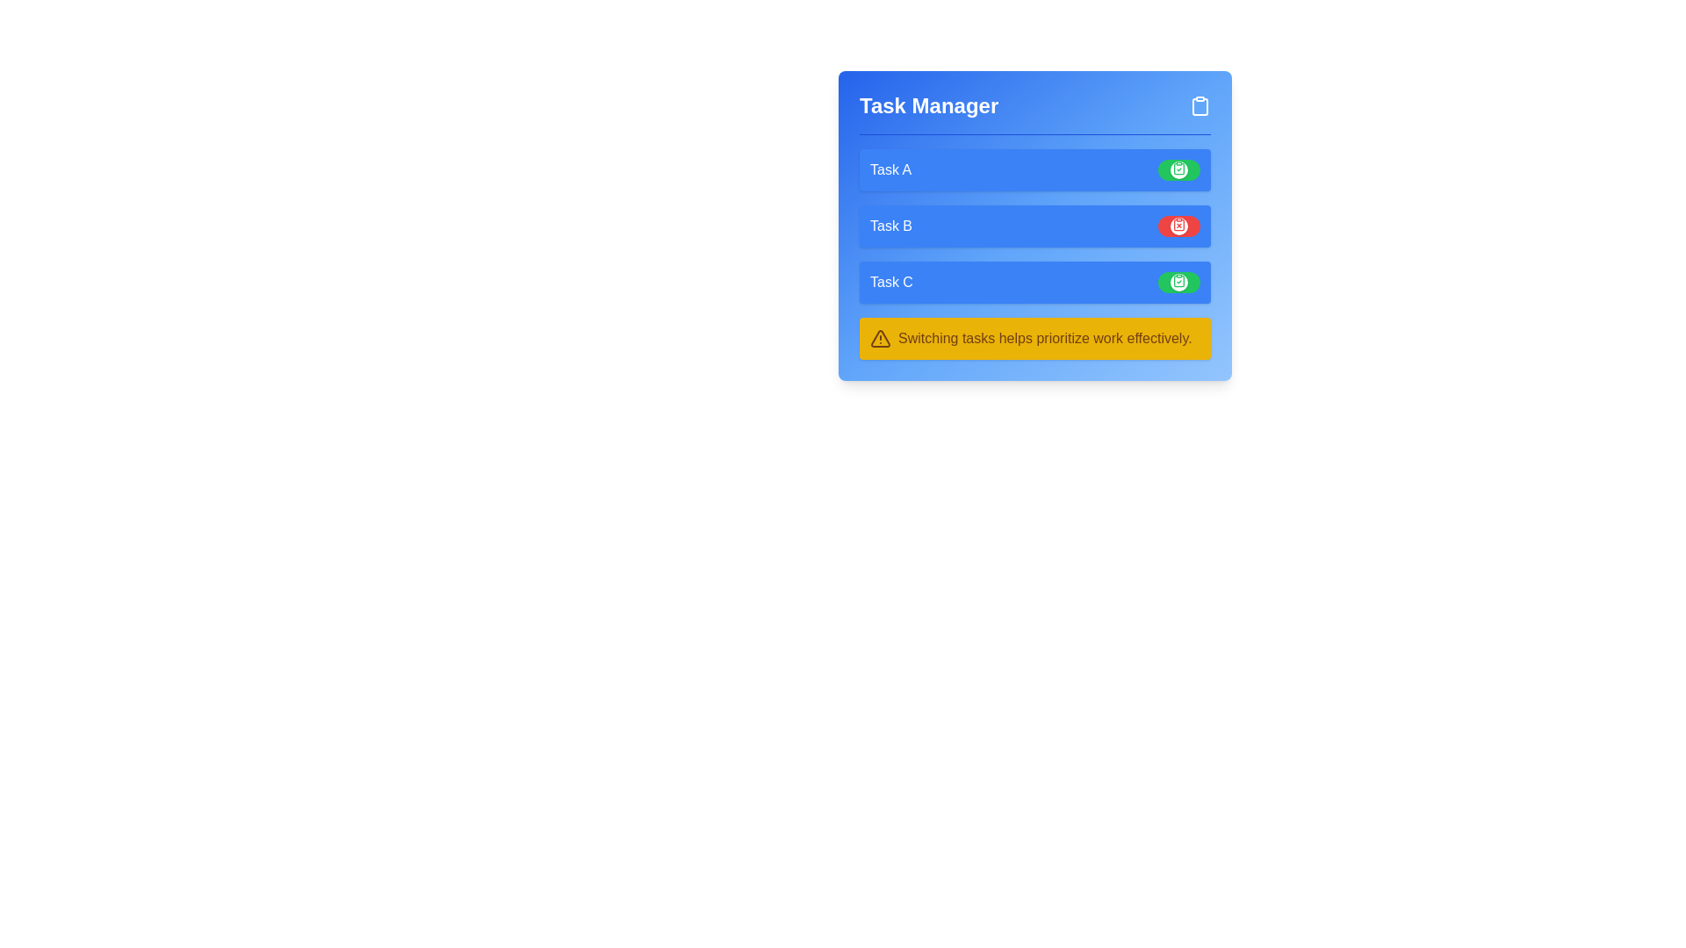  Describe the element at coordinates (1179, 169) in the screenshot. I see `the status toggle icon for 'Task A' located in the top-right corner of its entry` at that location.